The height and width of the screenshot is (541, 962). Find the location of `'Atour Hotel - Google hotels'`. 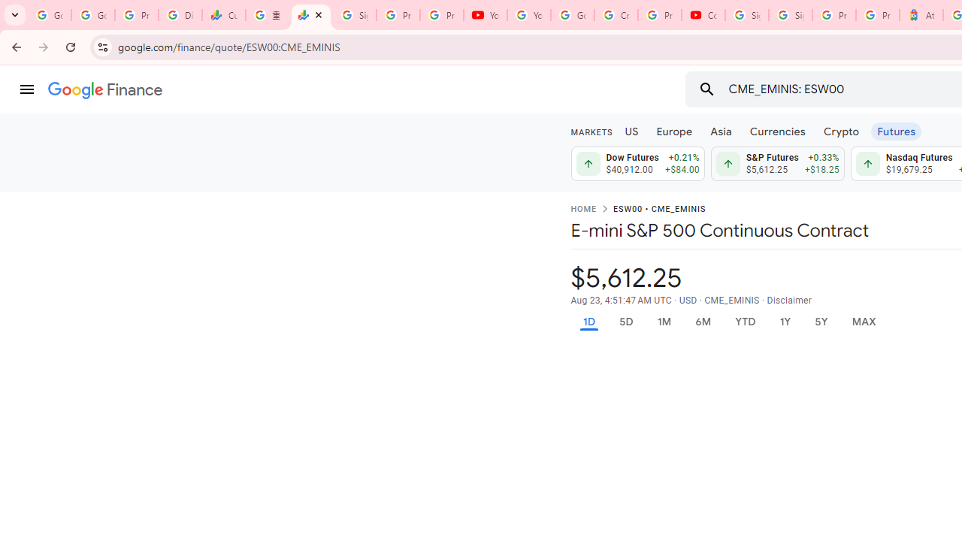

'Atour Hotel - Google hotels' is located at coordinates (921, 15).